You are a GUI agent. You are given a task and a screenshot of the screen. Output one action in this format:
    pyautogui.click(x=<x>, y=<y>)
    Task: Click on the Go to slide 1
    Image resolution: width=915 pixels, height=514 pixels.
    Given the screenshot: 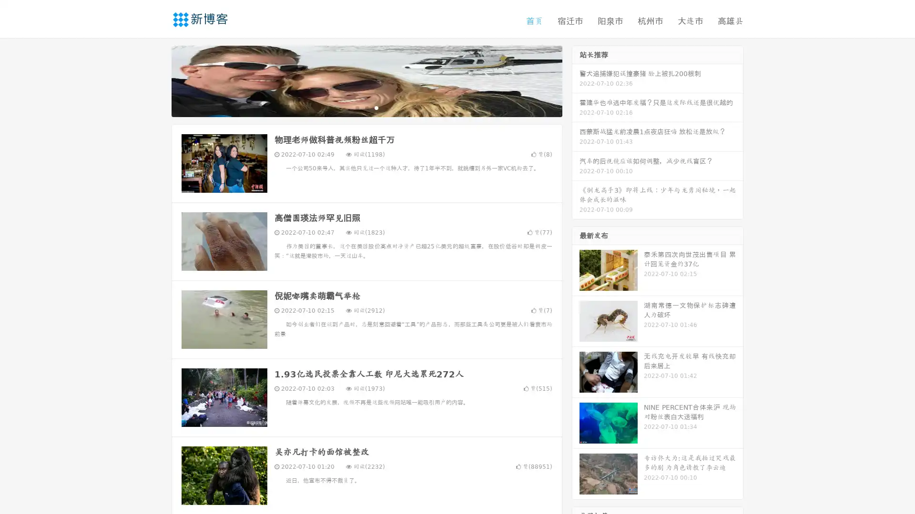 What is the action you would take?
    pyautogui.click(x=356, y=107)
    